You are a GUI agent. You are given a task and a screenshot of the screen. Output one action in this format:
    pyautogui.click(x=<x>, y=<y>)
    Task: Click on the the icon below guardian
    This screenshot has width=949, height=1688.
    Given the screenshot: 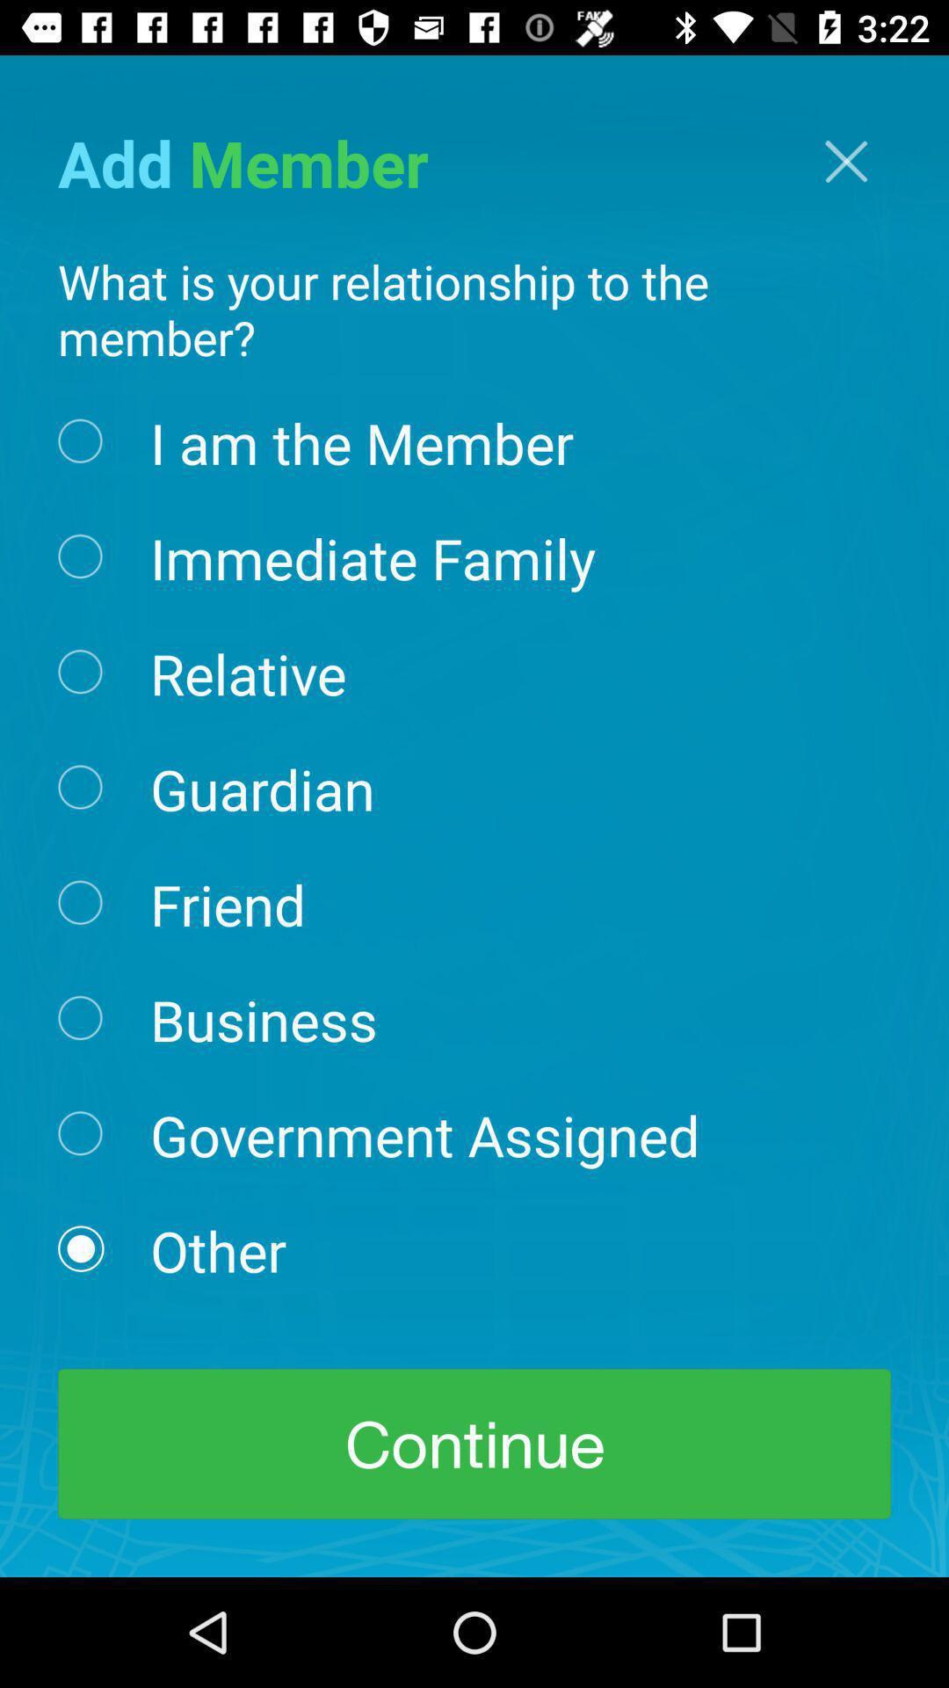 What is the action you would take?
    pyautogui.click(x=227, y=903)
    